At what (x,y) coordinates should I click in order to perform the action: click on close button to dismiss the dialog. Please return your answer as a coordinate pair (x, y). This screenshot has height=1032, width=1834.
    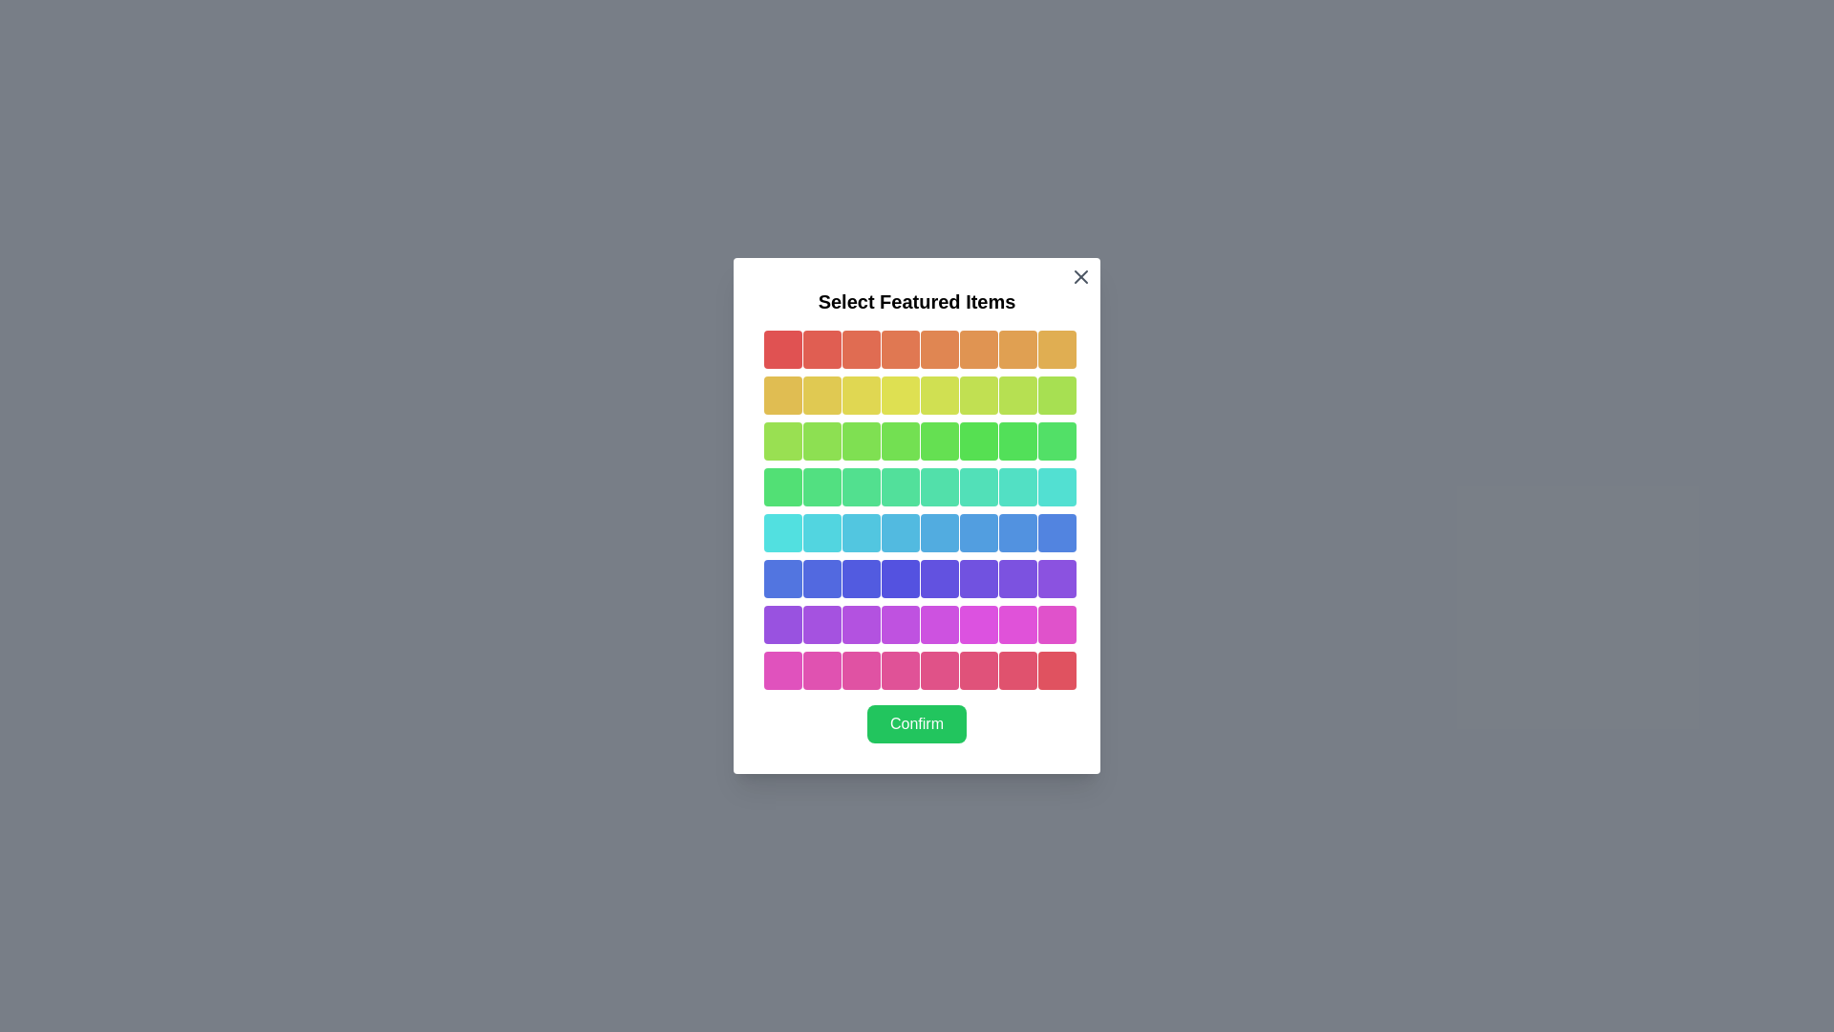
    Looking at the image, I should click on (1081, 276).